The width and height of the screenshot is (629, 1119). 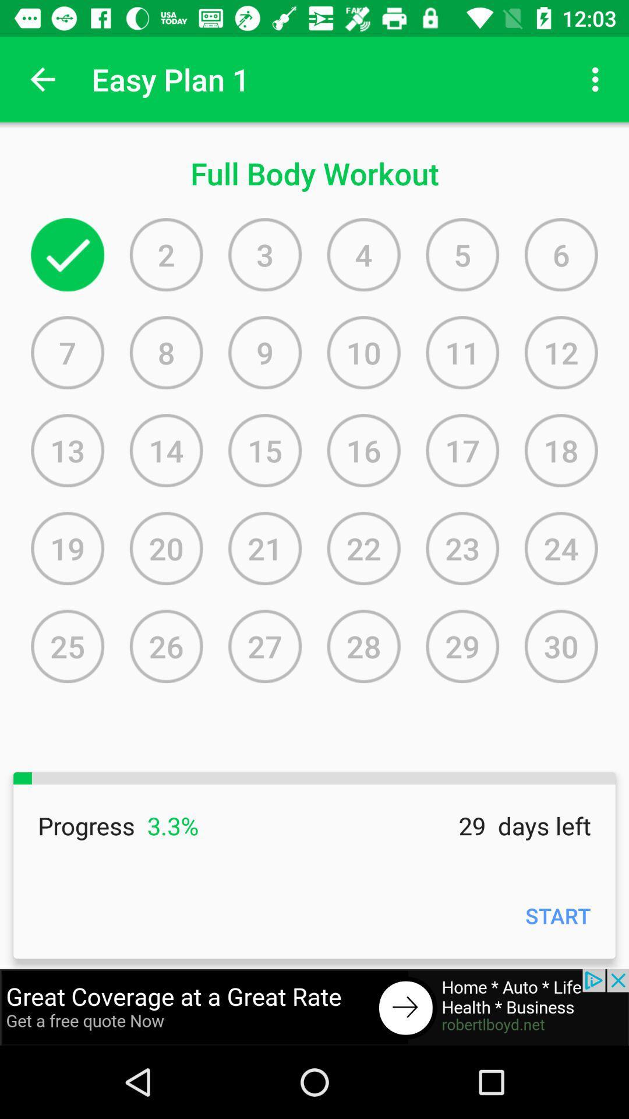 I want to click on advertisement website, so click(x=314, y=1007).